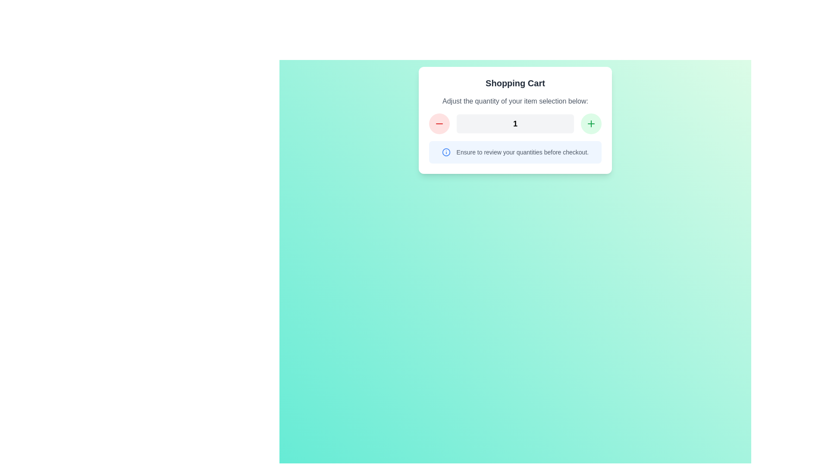 The width and height of the screenshot is (828, 466). What do you see at coordinates (439, 123) in the screenshot?
I see `the first interactive button that decreases the displayed quantity by one, located to the left of the number display and the green circular button with a plus icon` at bounding box center [439, 123].